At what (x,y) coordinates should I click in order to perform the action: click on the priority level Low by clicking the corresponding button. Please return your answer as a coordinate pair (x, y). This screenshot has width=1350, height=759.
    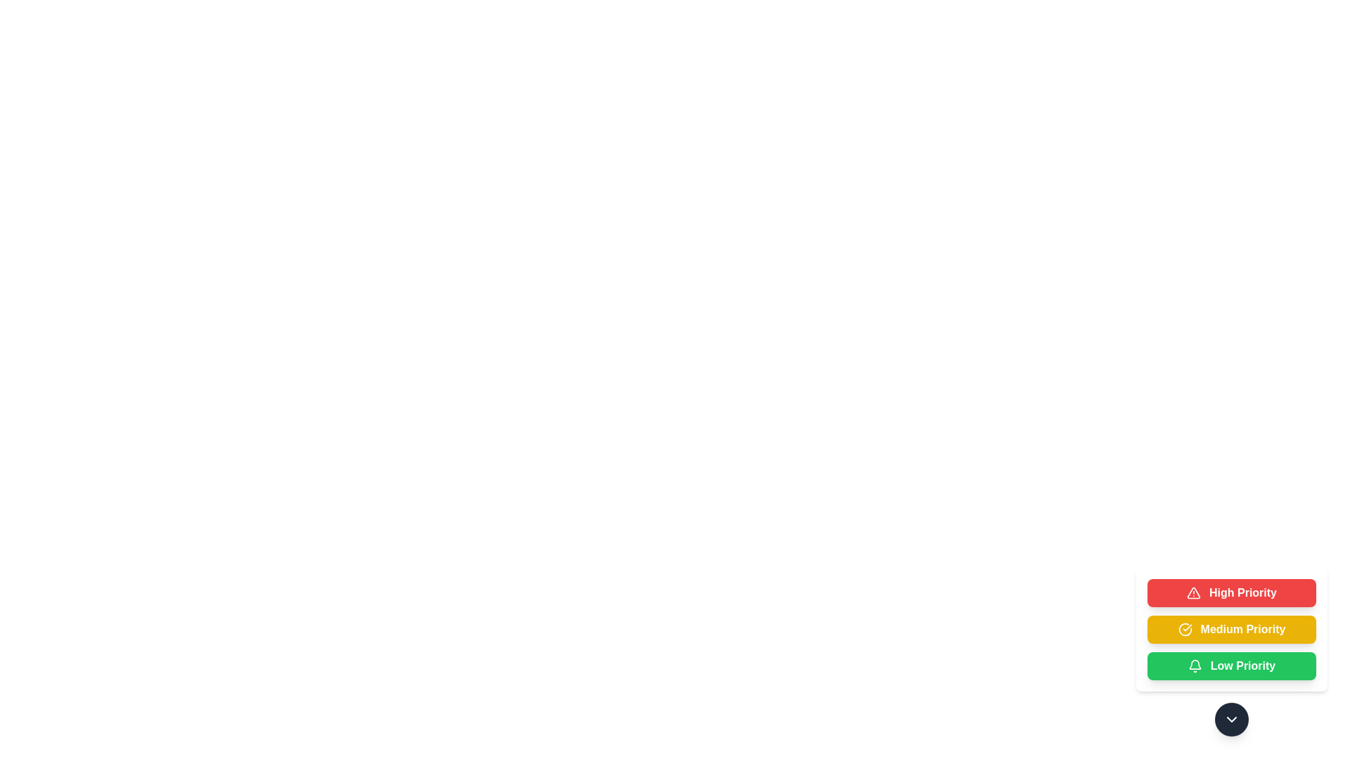
    Looking at the image, I should click on (1231, 666).